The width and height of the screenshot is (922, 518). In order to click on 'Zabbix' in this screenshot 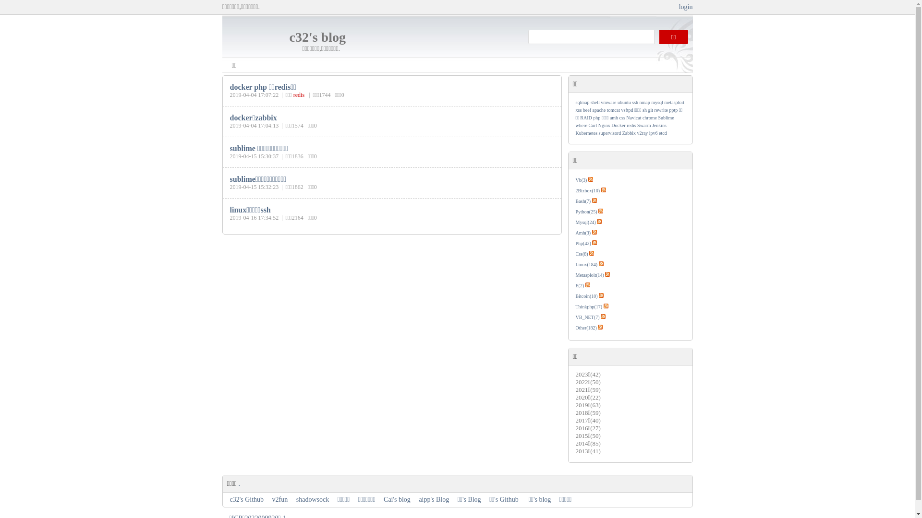, I will do `click(629, 133)`.